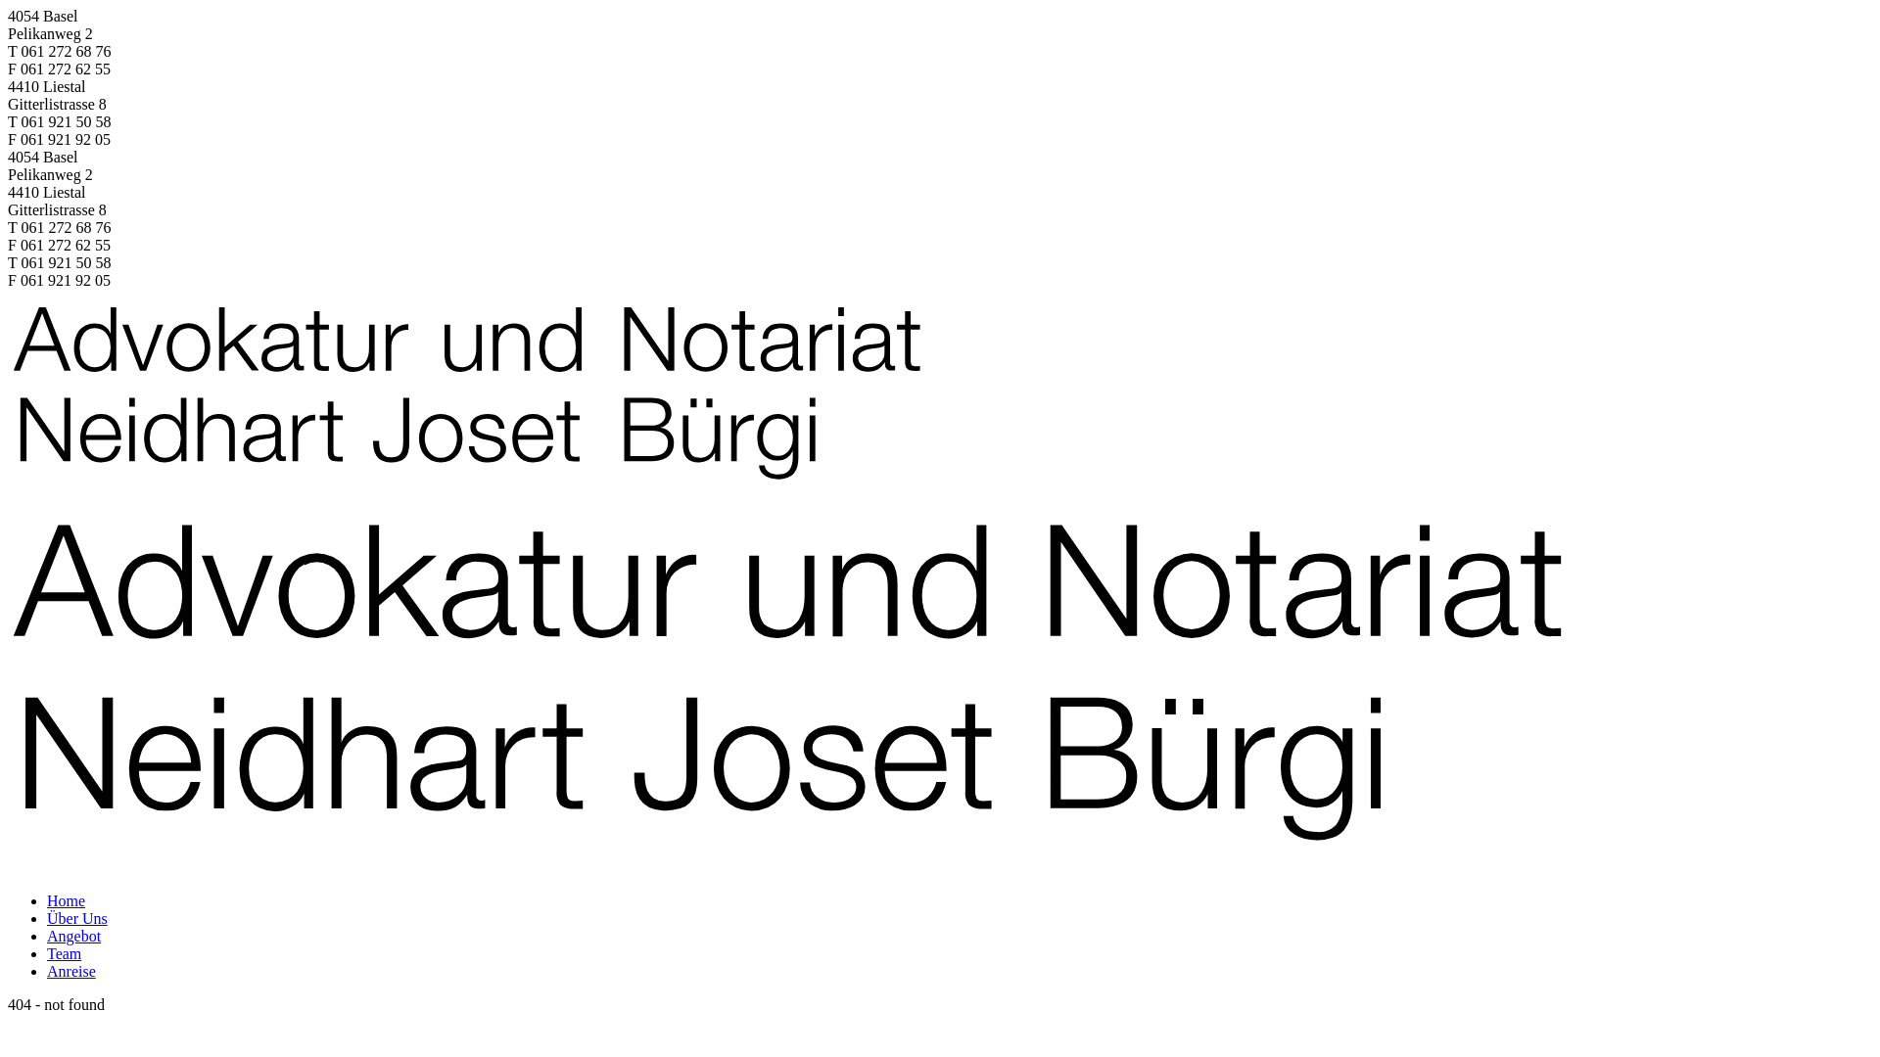 This screenshot has height=1057, width=1880. I want to click on 'Home', so click(47, 900).